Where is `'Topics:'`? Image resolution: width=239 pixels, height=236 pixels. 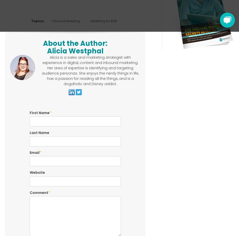 'Topics:' is located at coordinates (38, 21).